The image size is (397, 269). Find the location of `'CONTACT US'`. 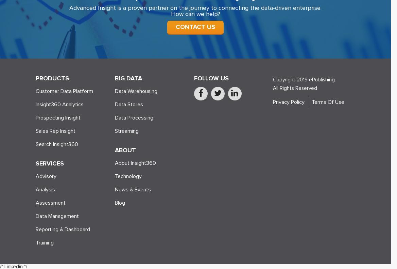

'CONTACT US' is located at coordinates (175, 27).